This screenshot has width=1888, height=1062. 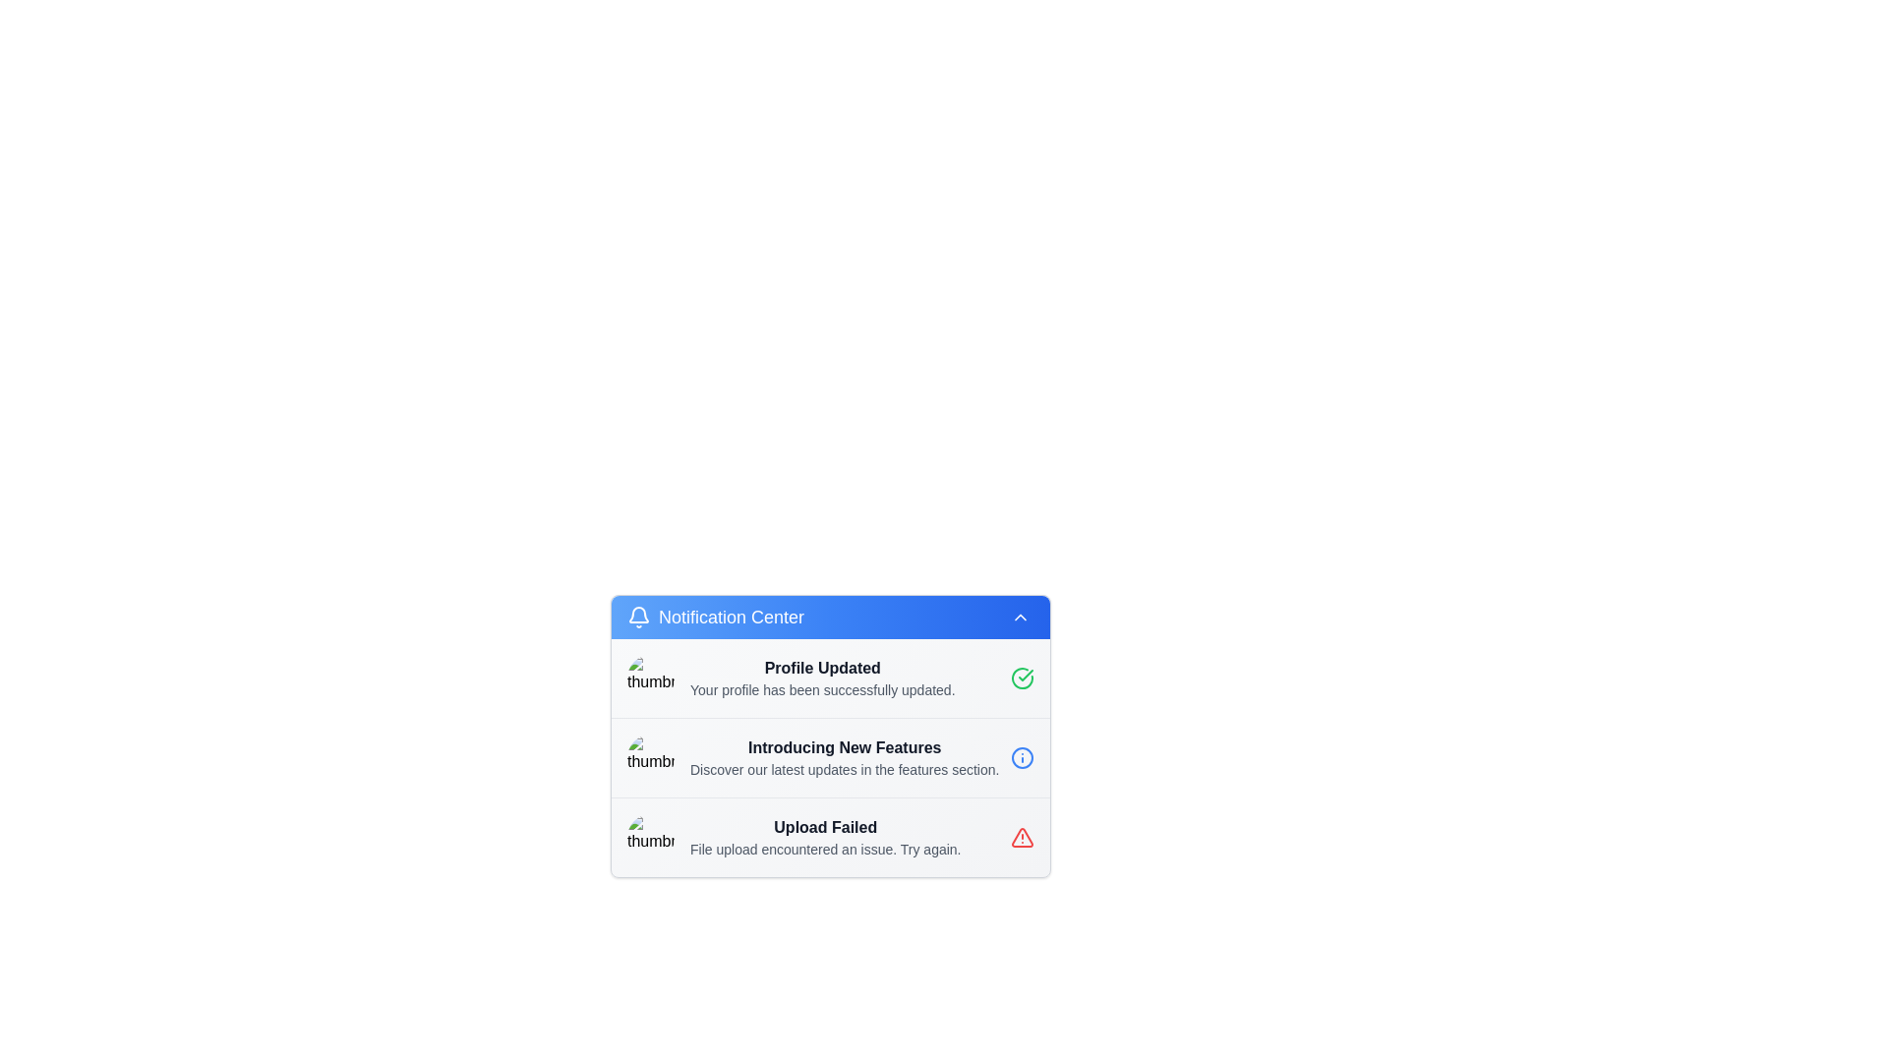 I want to click on notification message indicating that the user's profile has been successfully updated, which is centrally located in the Notification Center module, so click(x=822, y=678).